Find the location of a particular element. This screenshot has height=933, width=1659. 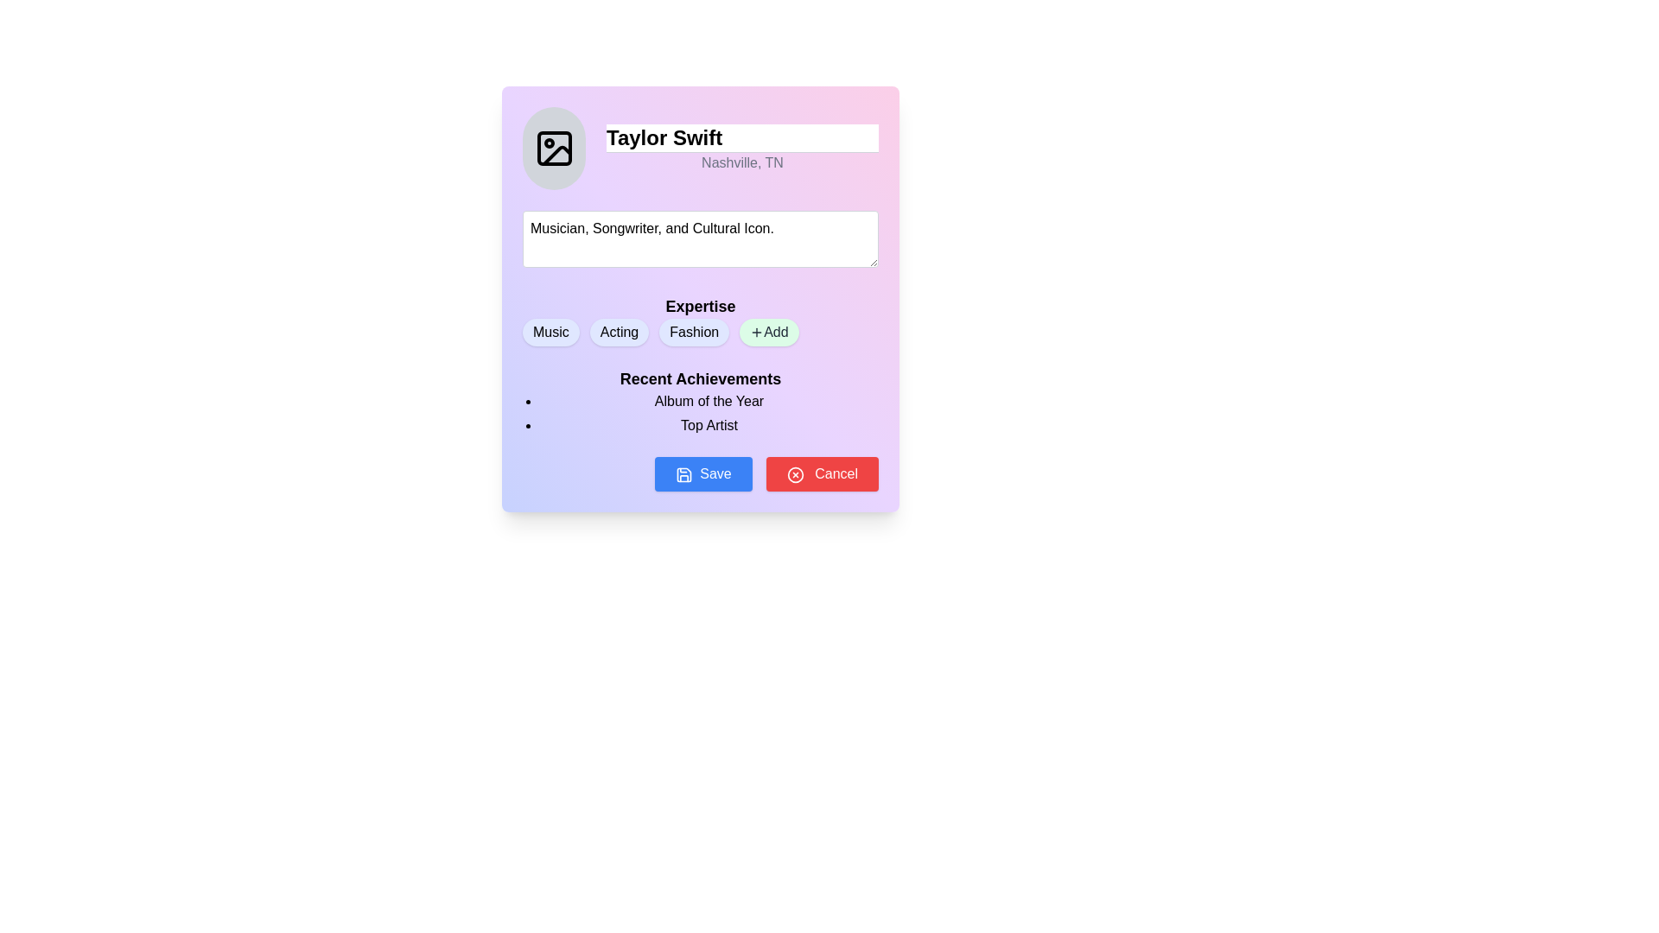

the SVG circle graphic that contributes to the 'Cancel' button's icon, located near the top-right corner of the interface is located at coordinates (794, 474).